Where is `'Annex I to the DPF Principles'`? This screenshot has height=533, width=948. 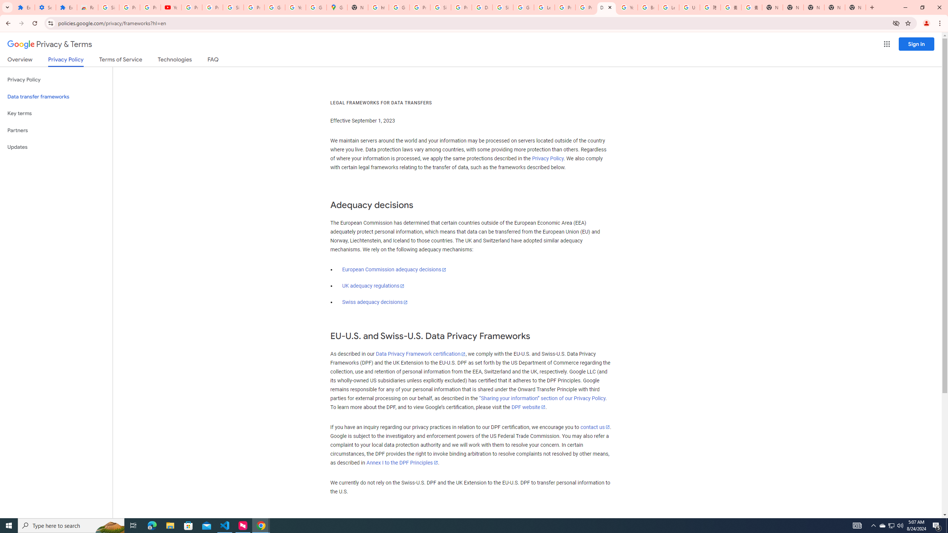 'Annex I to the DPF Principles' is located at coordinates (401, 462).